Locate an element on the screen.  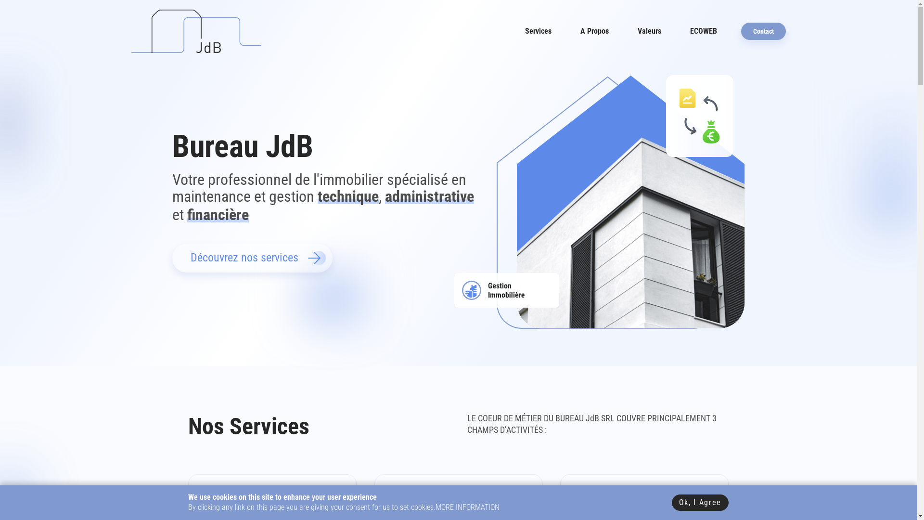
'Services' is located at coordinates (537, 30).